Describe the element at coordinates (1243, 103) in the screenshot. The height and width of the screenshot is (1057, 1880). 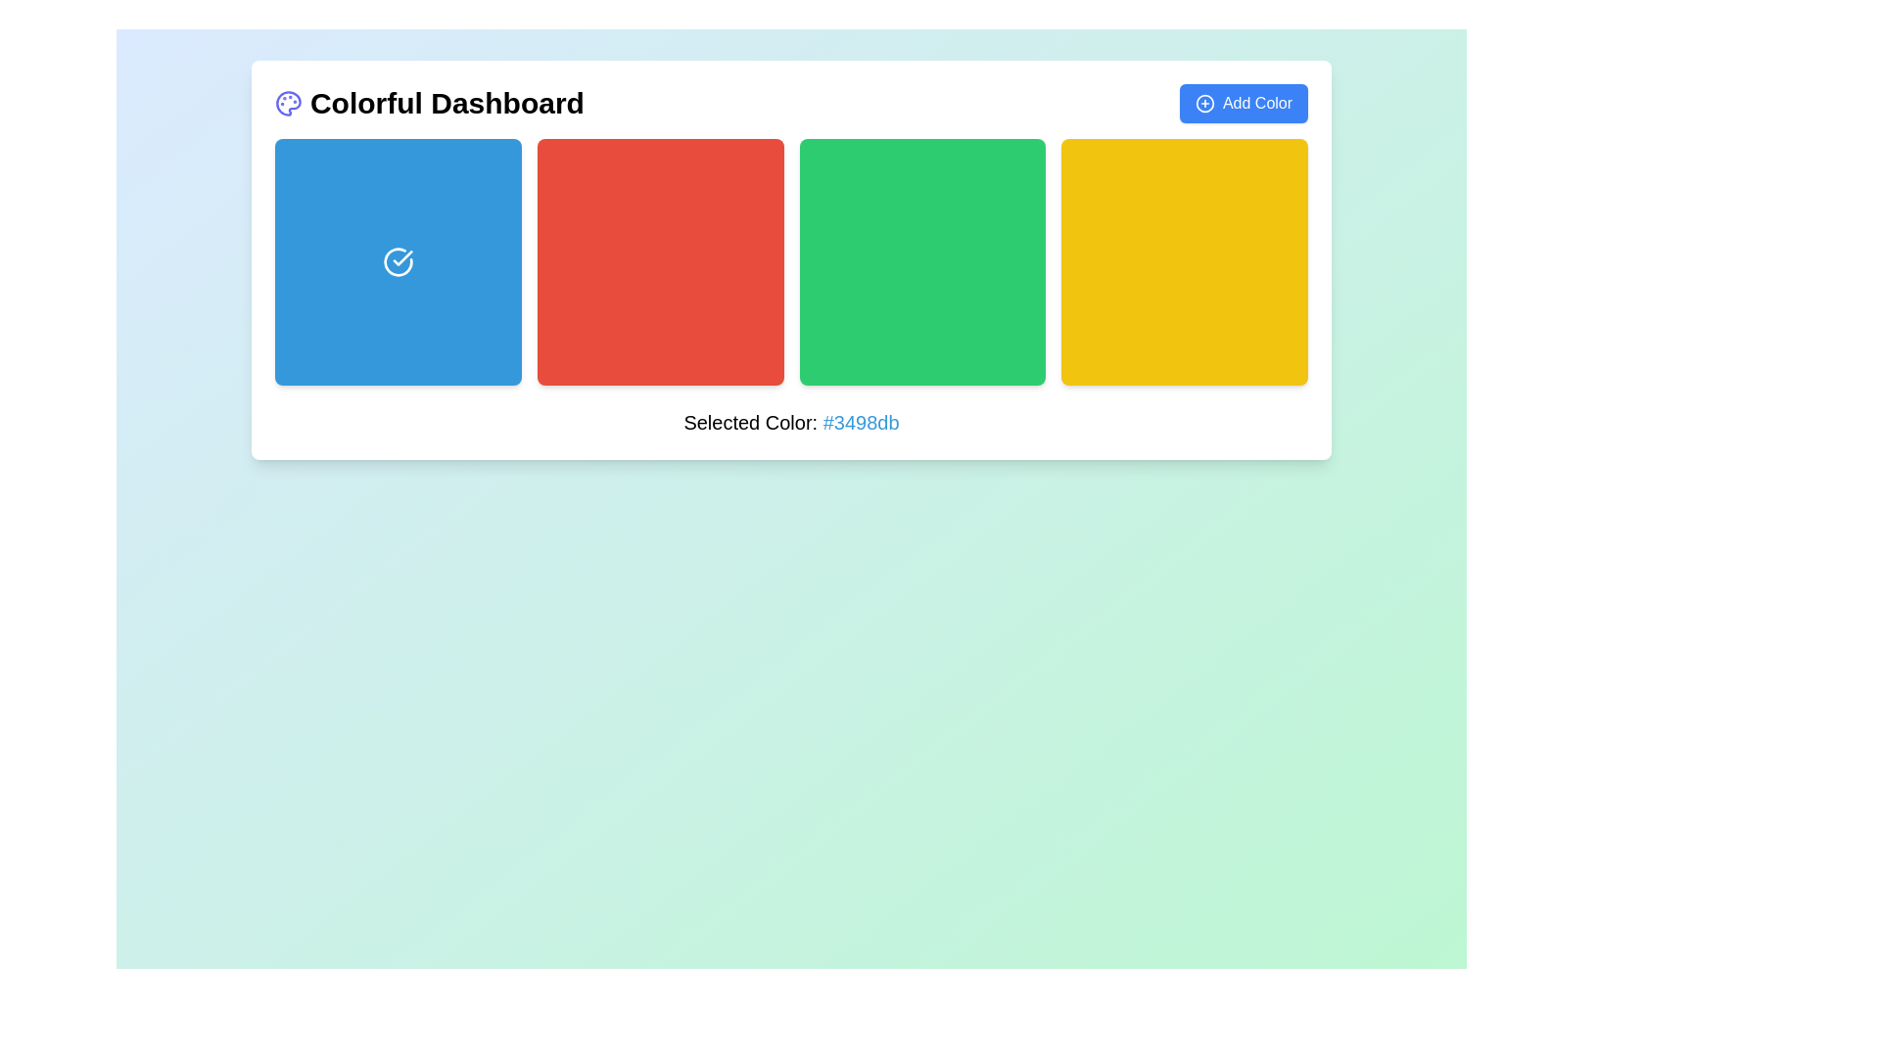
I see `the 'Add Color' button, which is a rectangular button with rounded corners, blue background, white text, and an icon of a circle with a plus sign, located in the header section titled 'Colorful Dashboard'` at that location.